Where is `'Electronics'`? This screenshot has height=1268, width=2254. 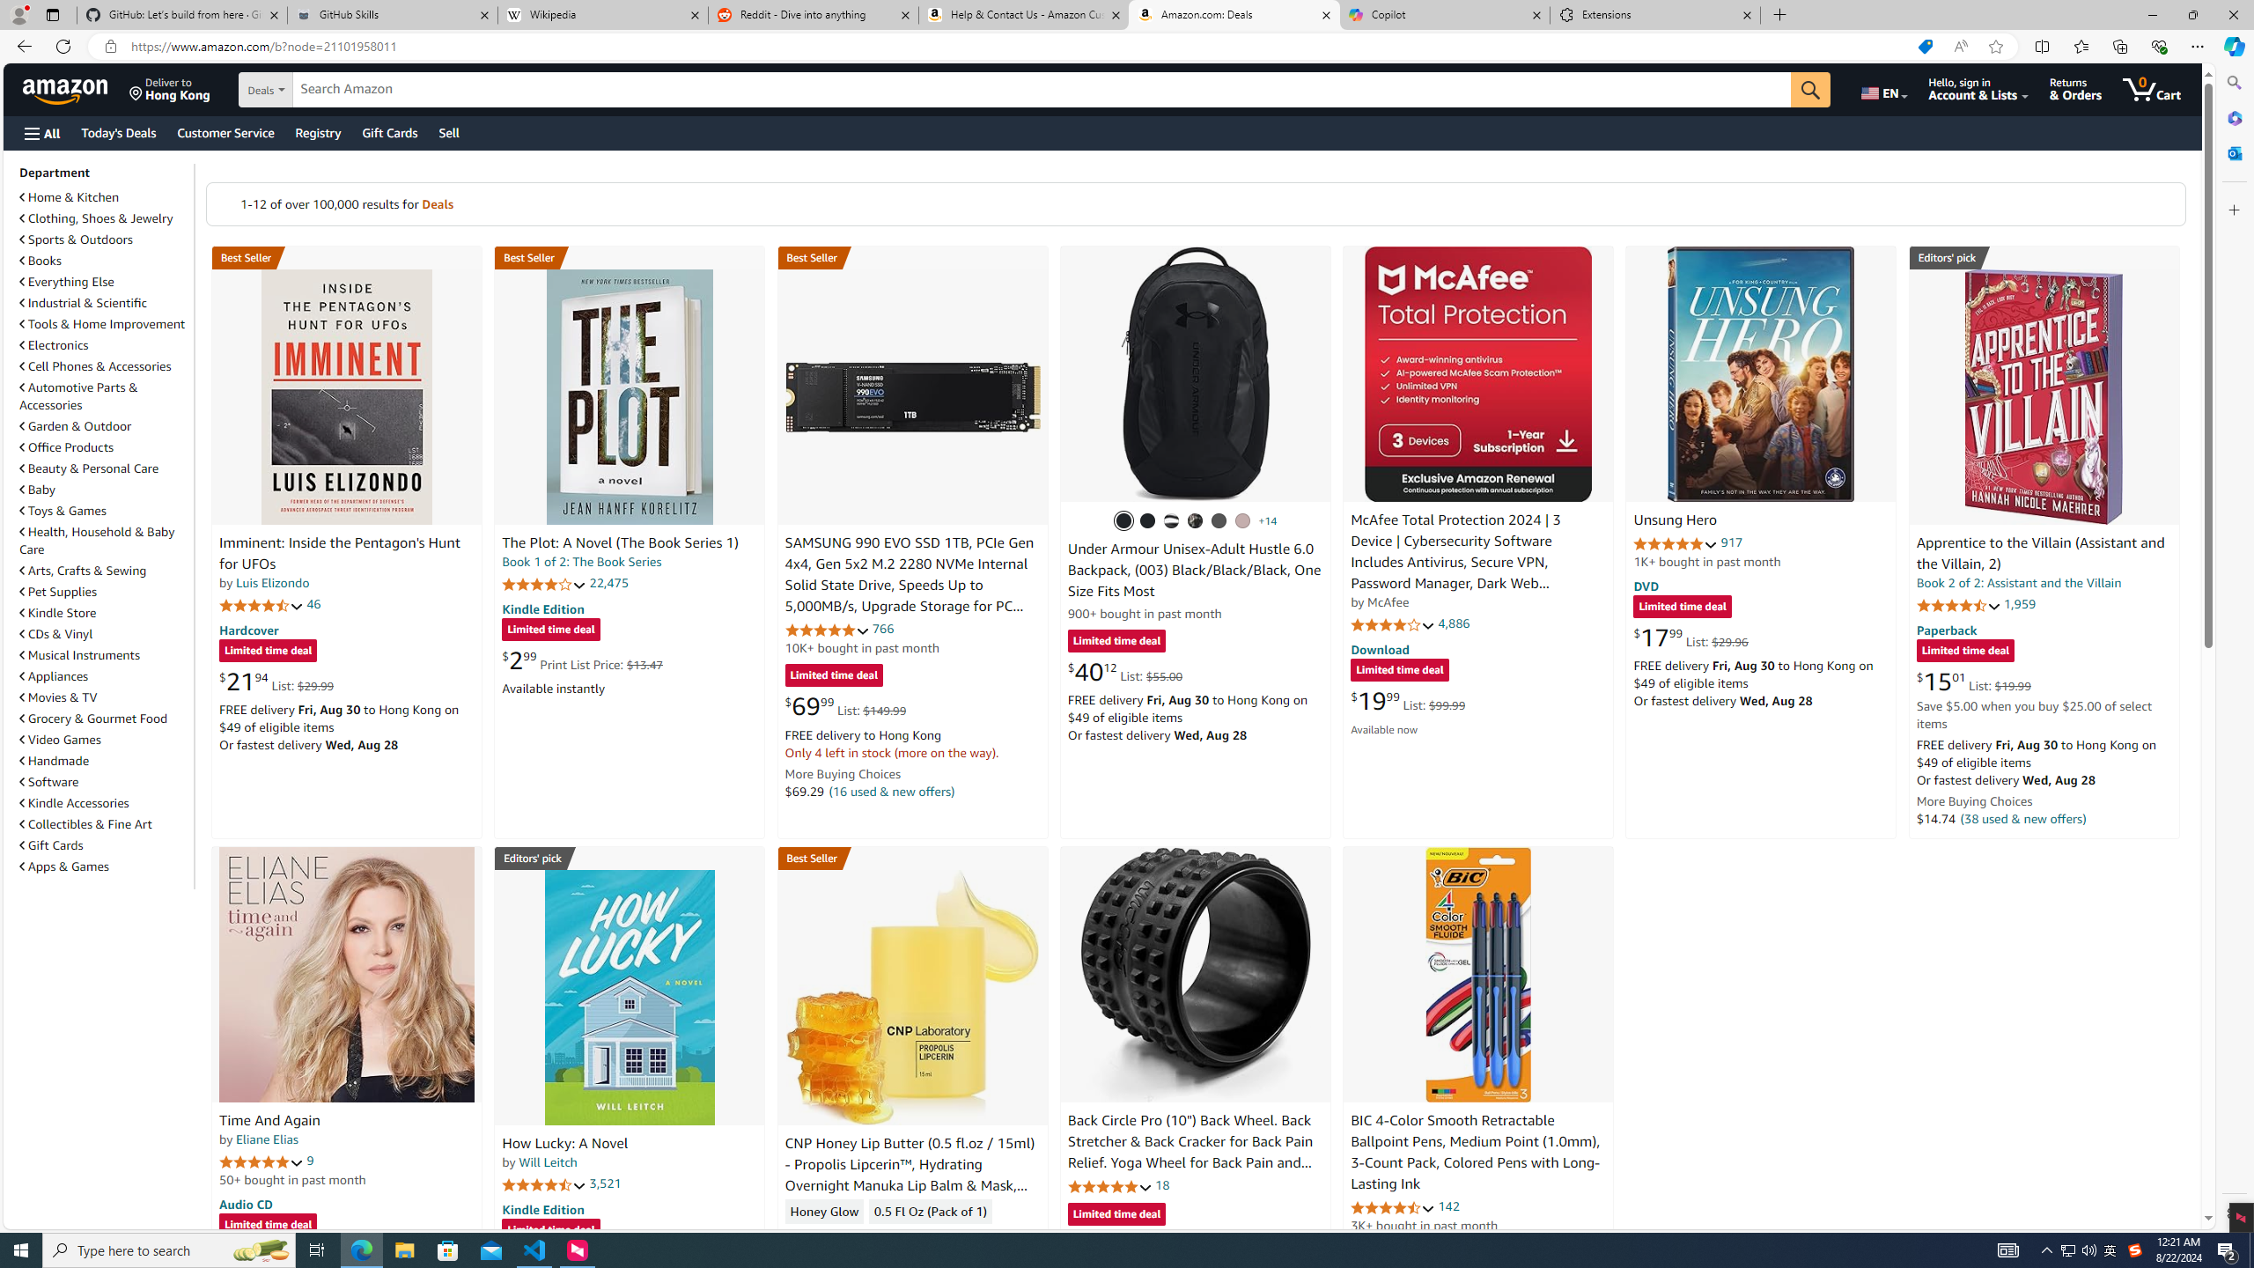 'Electronics' is located at coordinates (54, 343).